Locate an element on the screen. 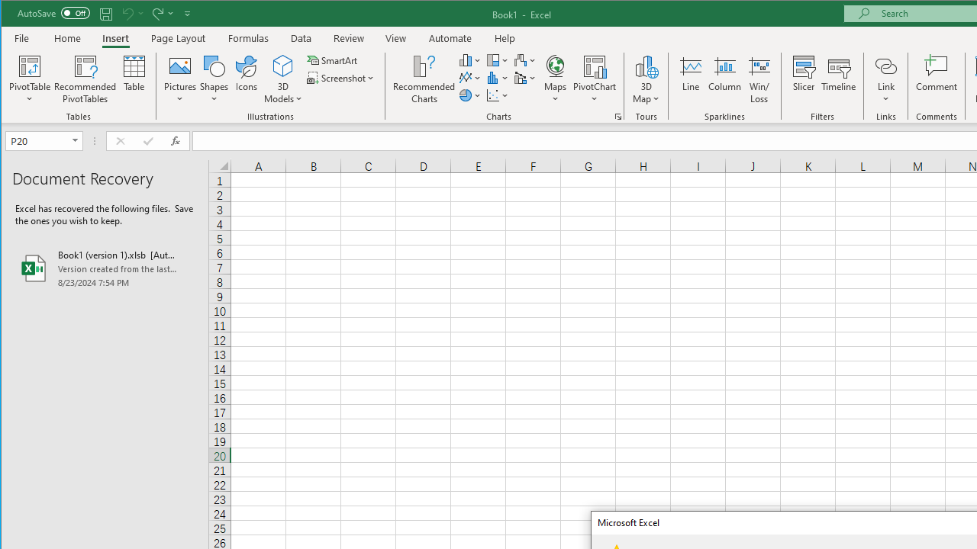 This screenshot has height=549, width=977. 'Link' is located at coordinates (885, 79).